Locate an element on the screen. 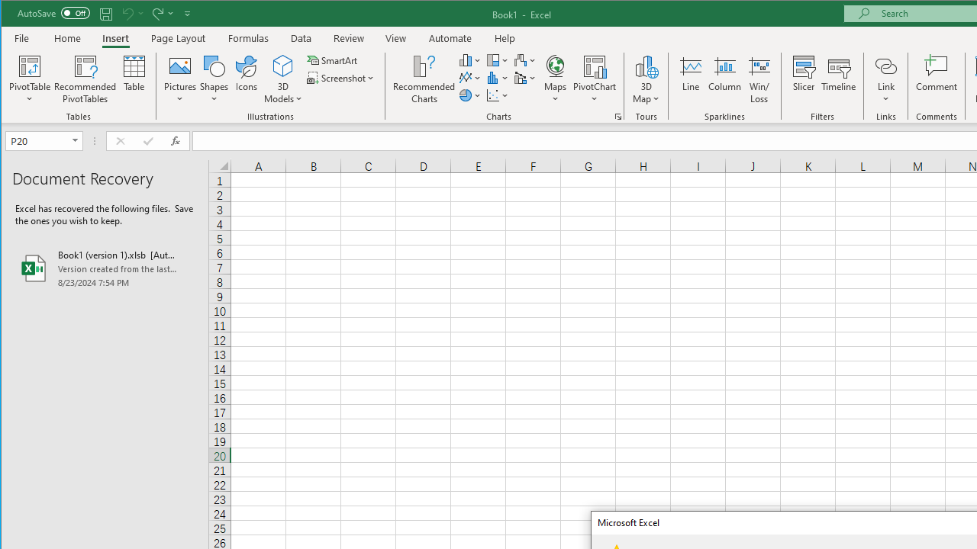 This screenshot has height=549, width=977. 'Link' is located at coordinates (885, 79).